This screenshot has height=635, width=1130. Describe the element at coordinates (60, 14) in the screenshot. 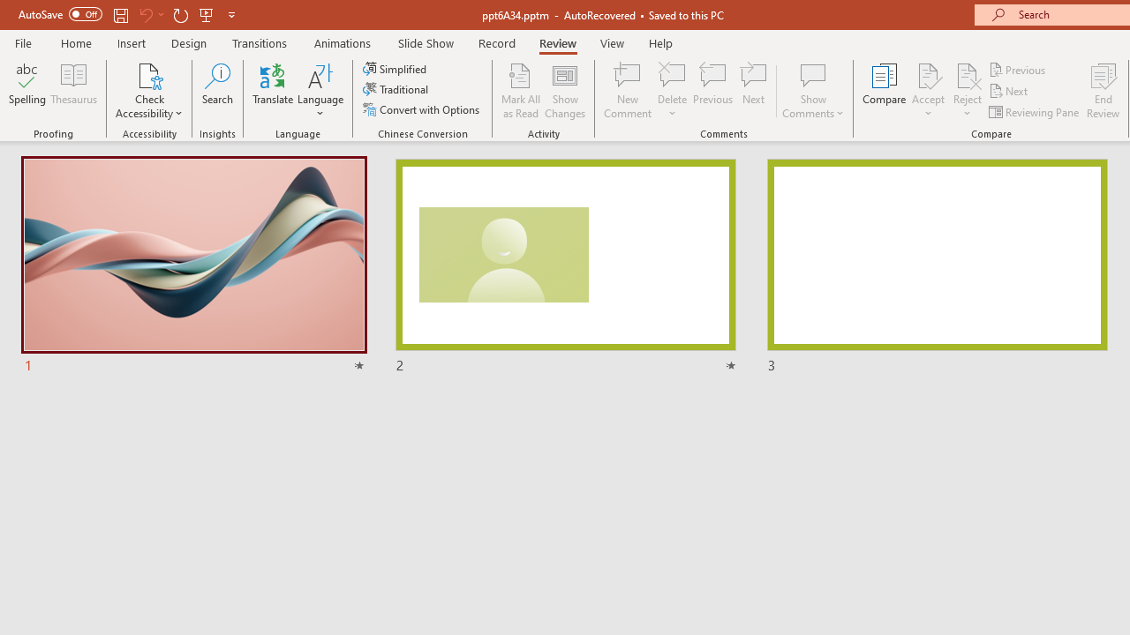

I see `'AutoSave'` at that location.